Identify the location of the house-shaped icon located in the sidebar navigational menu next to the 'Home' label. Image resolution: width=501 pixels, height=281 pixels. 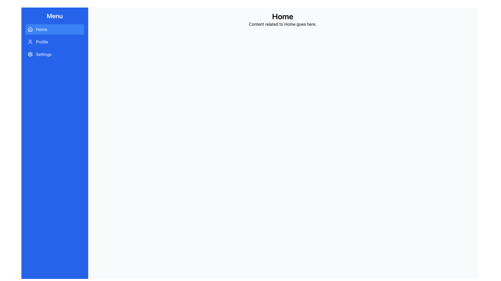
(30, 29).